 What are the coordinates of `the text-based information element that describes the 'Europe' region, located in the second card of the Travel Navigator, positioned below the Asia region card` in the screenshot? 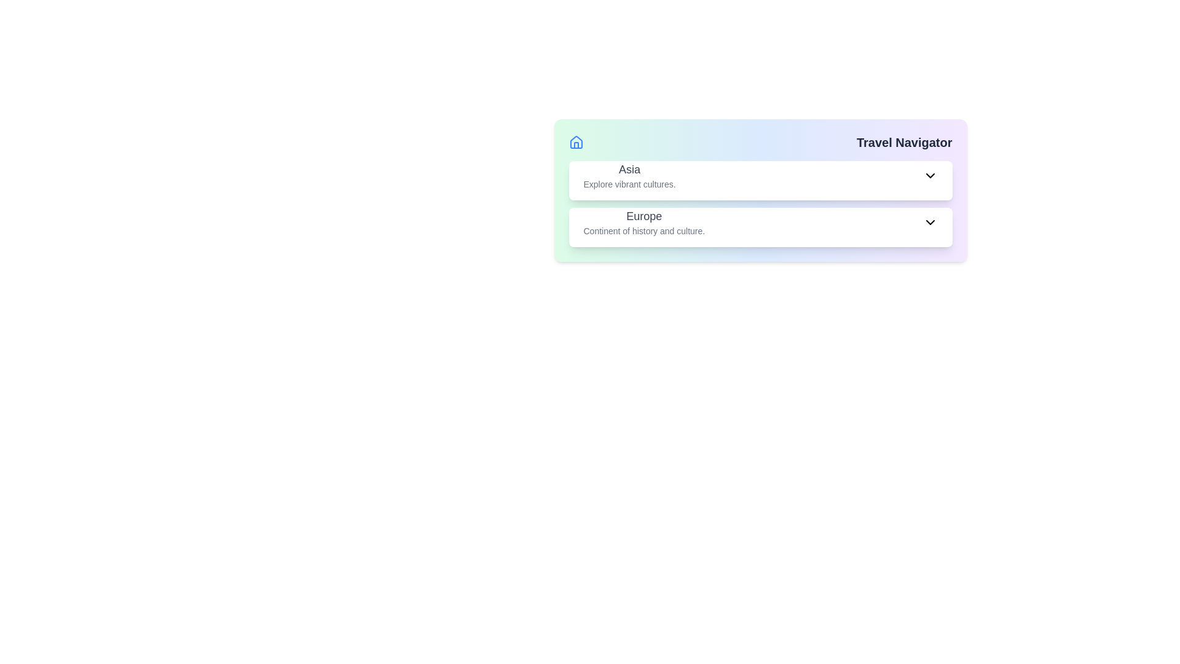 It's located at (643, 223).